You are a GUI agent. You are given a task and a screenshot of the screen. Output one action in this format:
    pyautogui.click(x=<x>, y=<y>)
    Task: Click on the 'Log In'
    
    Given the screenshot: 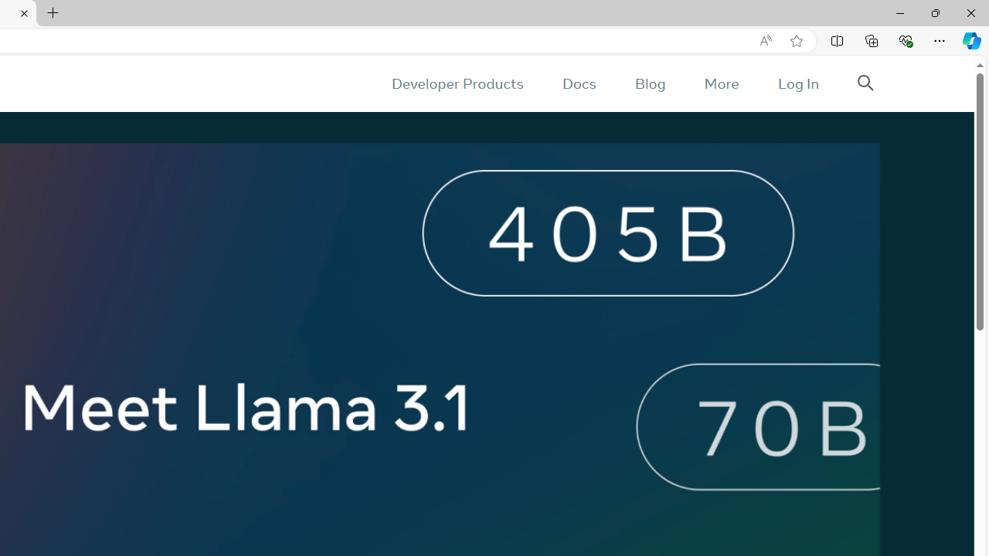 What is the action you would take?
    pyautogui.click(x=797, y=83)
    